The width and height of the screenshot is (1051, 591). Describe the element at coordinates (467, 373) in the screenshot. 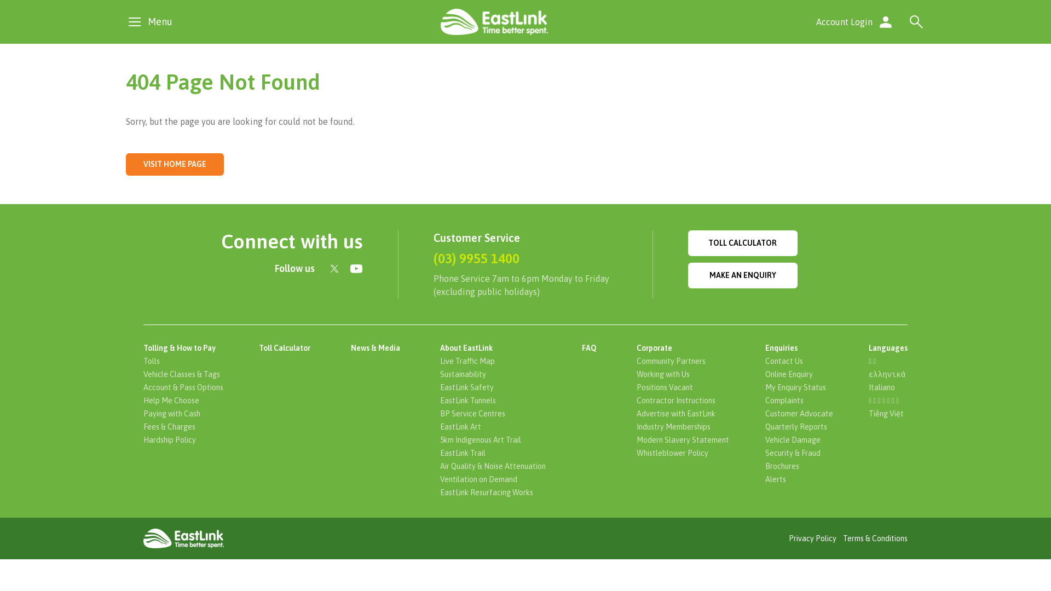

I see `'Sustainability'` at that location.